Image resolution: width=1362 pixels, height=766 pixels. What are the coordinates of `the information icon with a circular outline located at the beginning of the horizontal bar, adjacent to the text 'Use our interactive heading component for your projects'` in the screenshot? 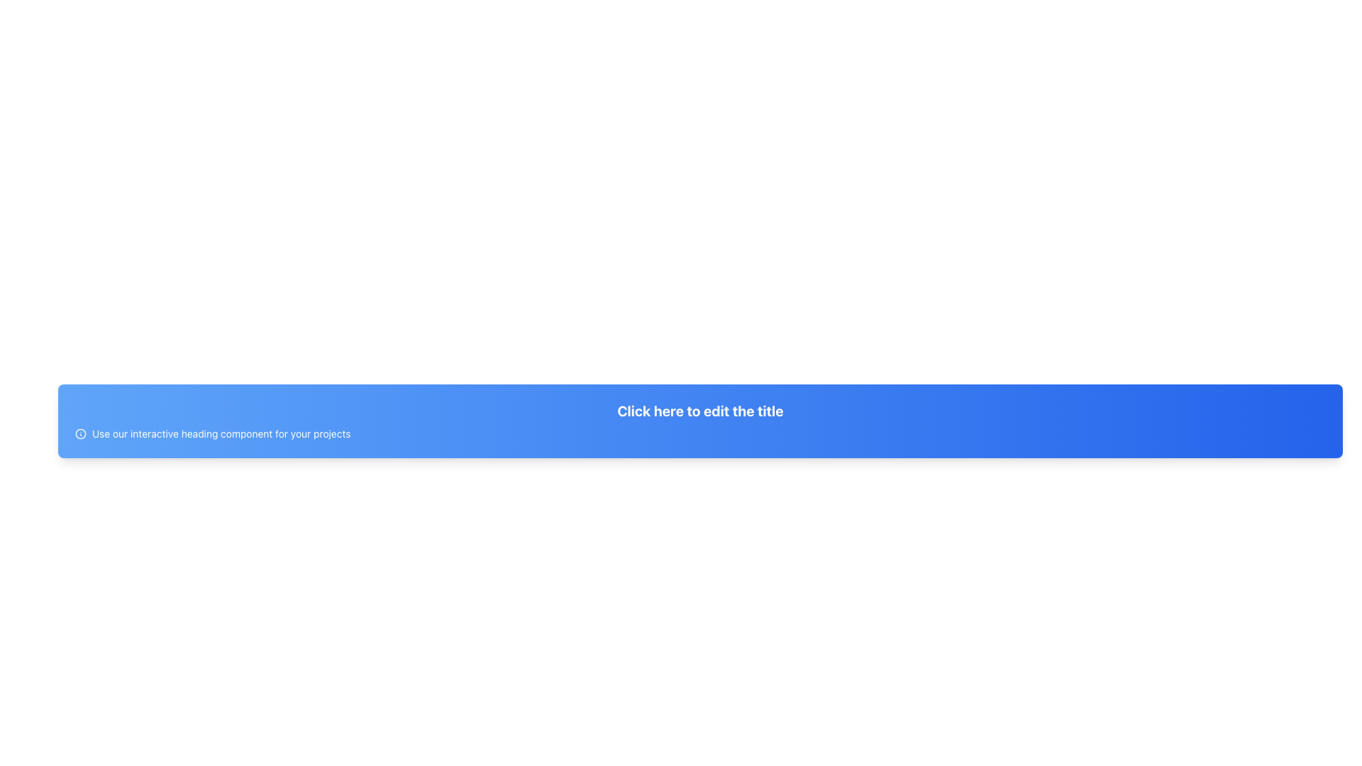 It's located at (80, 433).